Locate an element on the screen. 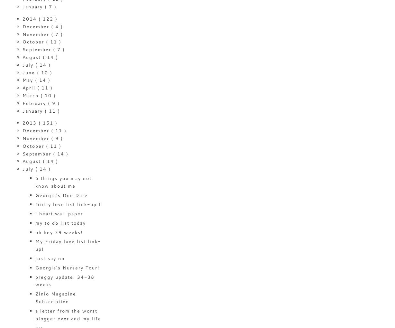 The width and height of the screenshot is (395, 328). 'February' is located at coordinates (35, 102).